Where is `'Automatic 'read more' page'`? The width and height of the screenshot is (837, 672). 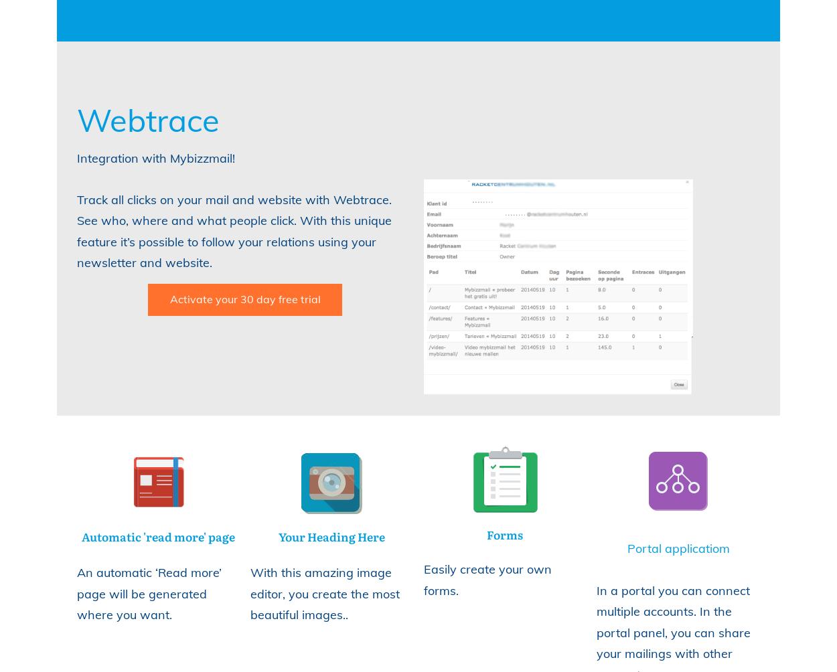
'Automatic 'read more' page' is located at coordinates (81, 536).